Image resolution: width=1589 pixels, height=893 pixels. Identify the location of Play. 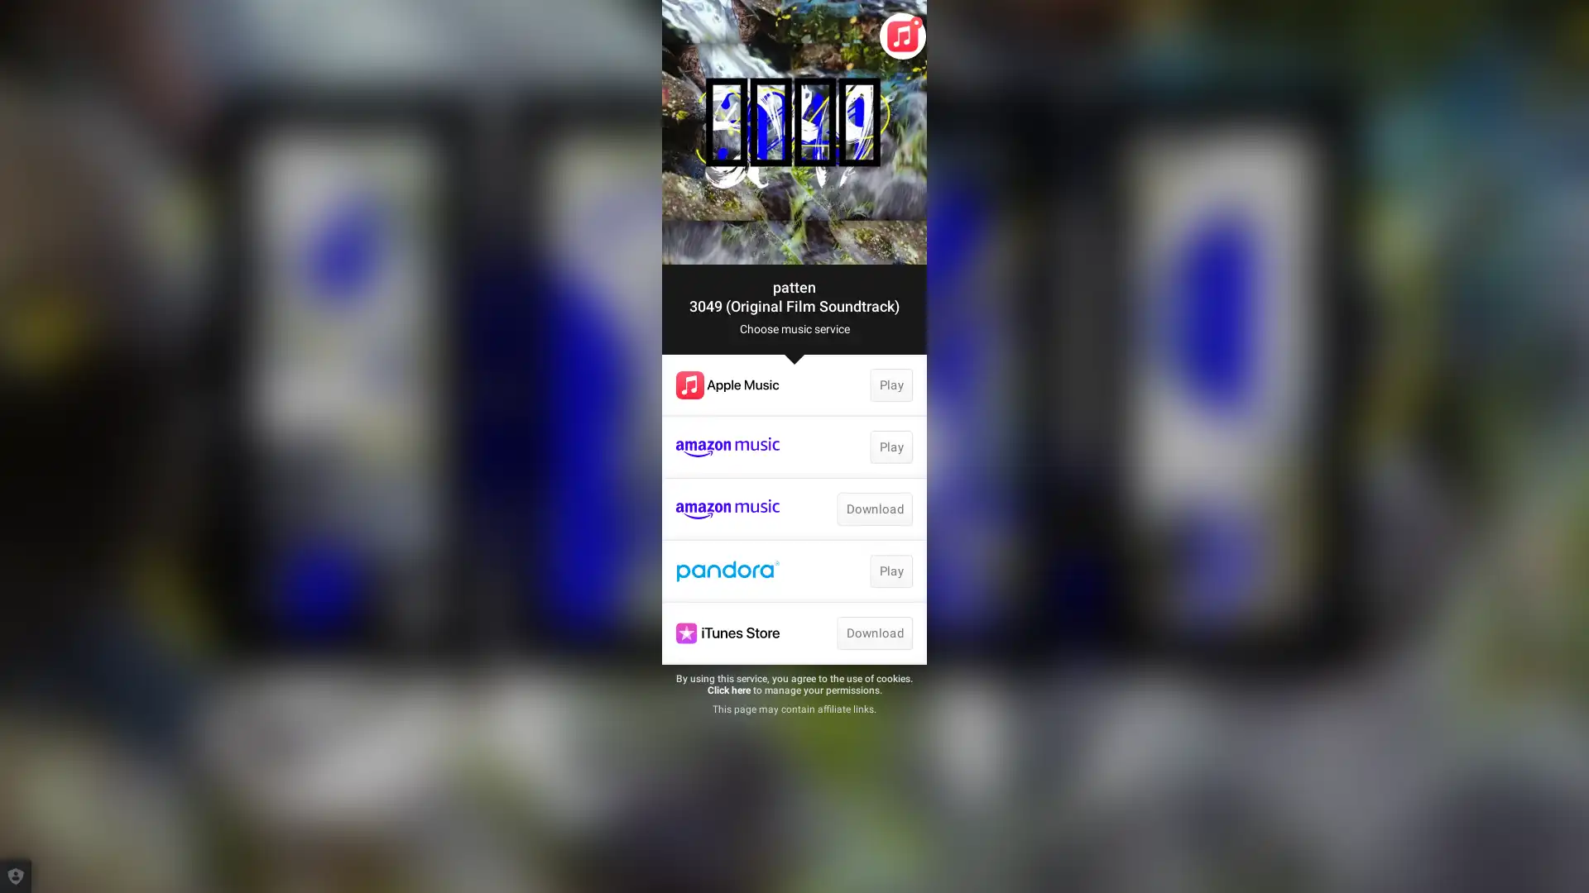
(890, 446).